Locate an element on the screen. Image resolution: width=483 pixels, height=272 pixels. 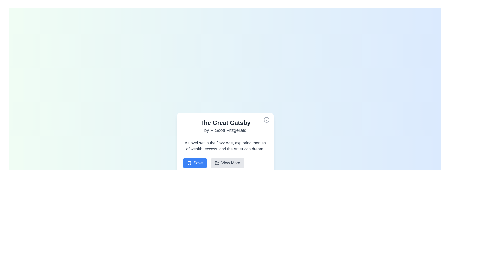
the open folder icon located to the left of the 'View More' button, which has a gray outline and no background color is located at coordinates (217, 163).